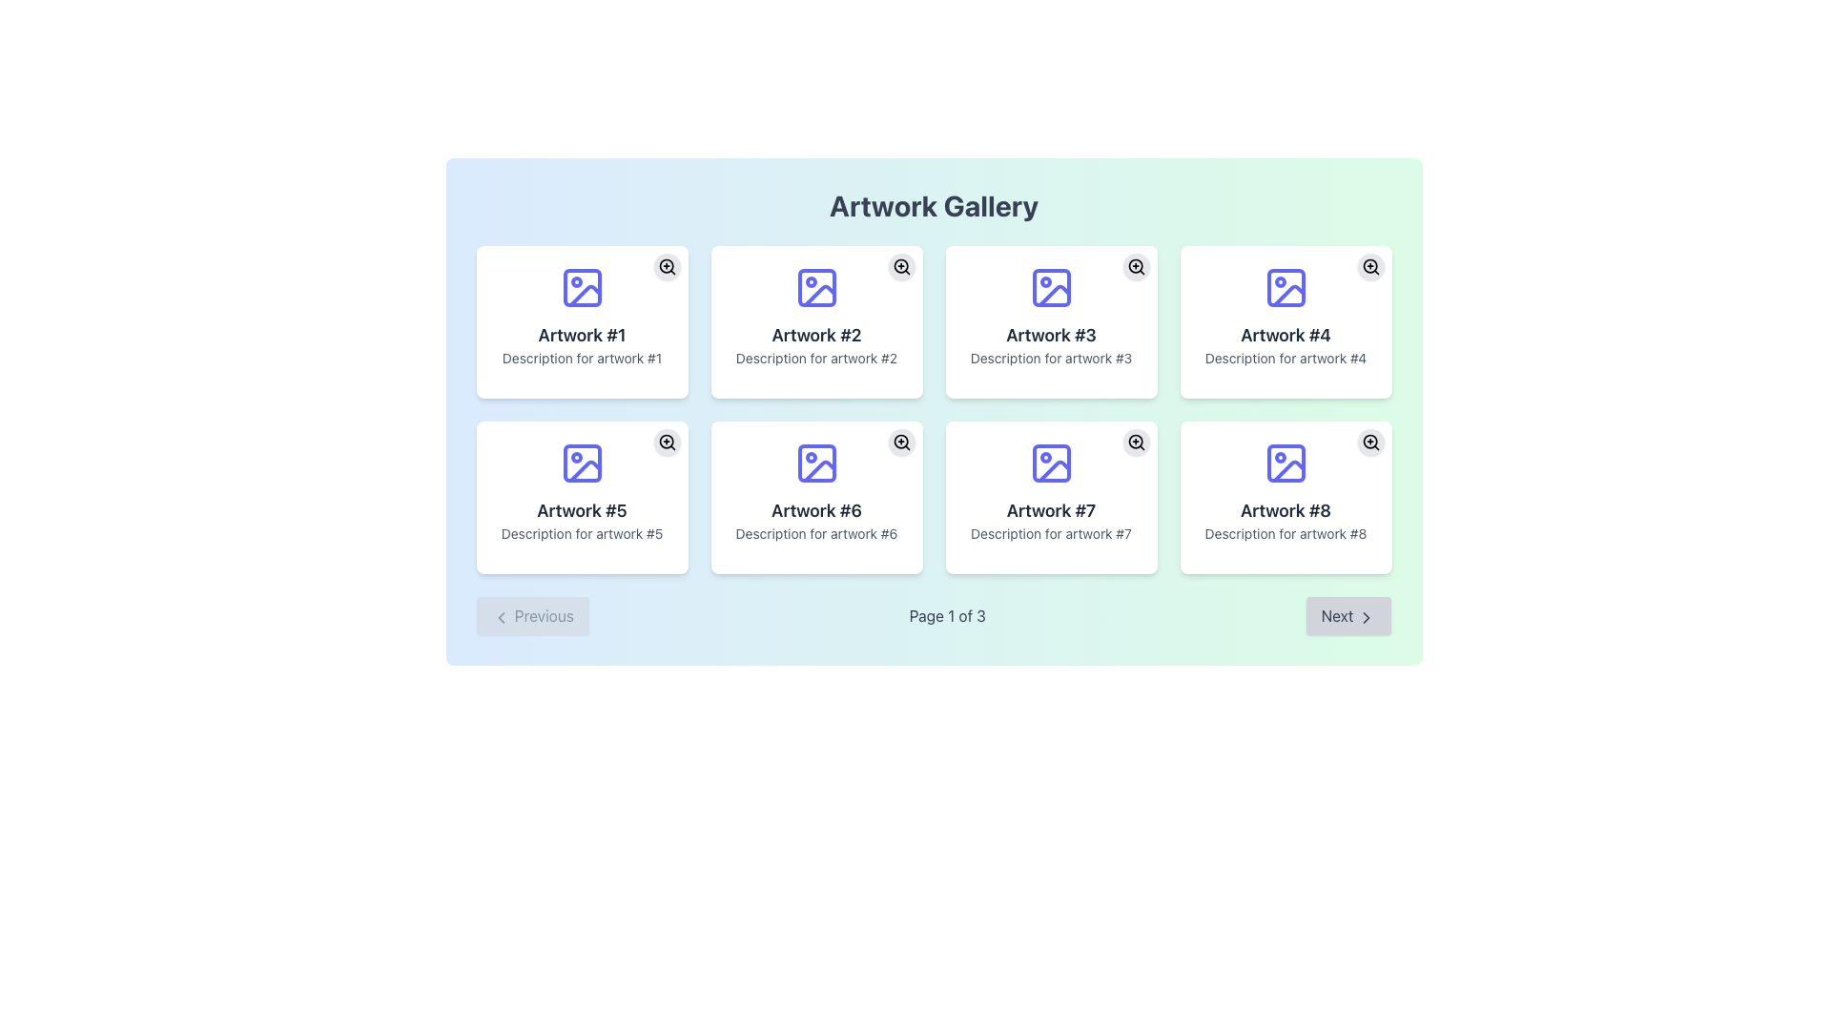 The height and width of the screenshot is (1030, 1831). I want to click on the circular component of the zoom-in icon associated with 'Artwork #4' tile, which is positioned at the top-right corner of the tile, so click(1368, 266).